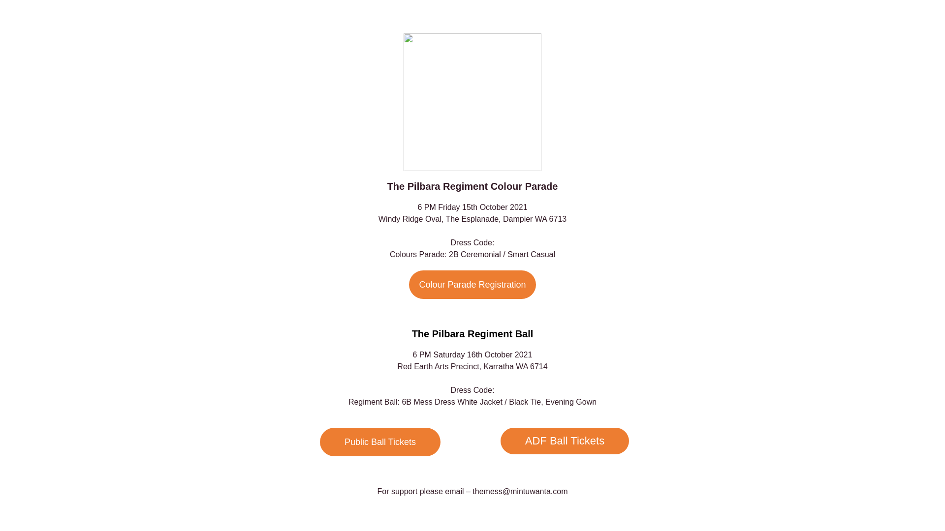 The image size is (945, 531). What do you see at coordinates (501, 441) in the screenshot?
I see `'ADF Ball Tickets'` at bounding box center [501, 441].